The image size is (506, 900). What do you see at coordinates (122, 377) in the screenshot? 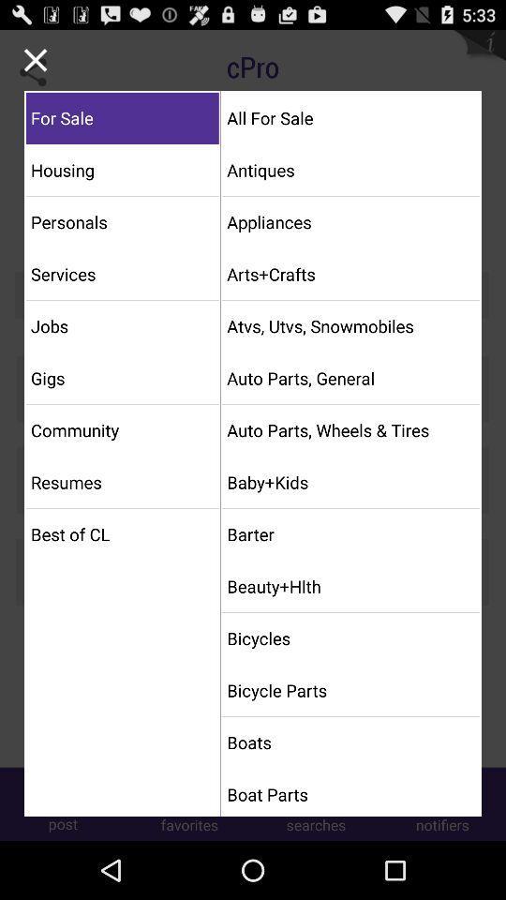
I see `app below jobs app` at bounding box center [122, 377].